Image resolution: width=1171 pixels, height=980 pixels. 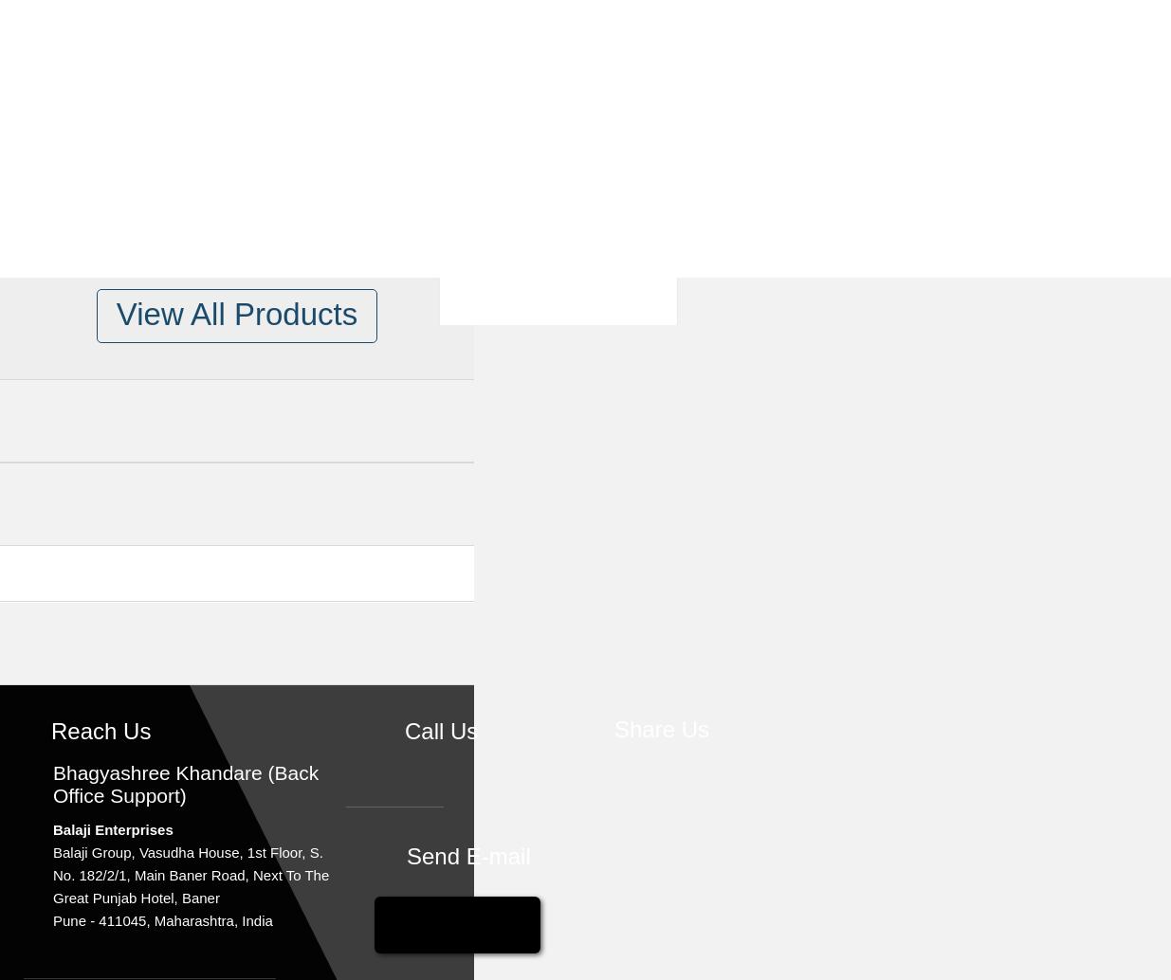 What do you see at coordinates (446, 517) in the screenshot?
I see `'Gloves Against Mechanical Risk'` at bounding box center [446, 517].